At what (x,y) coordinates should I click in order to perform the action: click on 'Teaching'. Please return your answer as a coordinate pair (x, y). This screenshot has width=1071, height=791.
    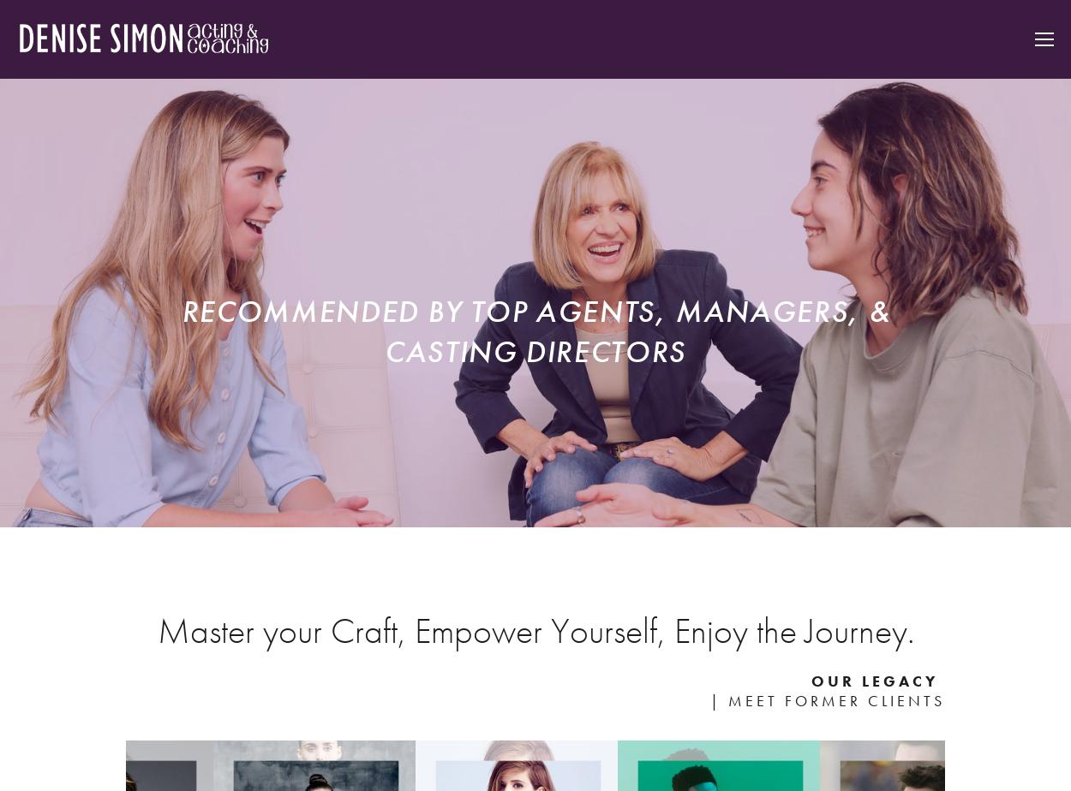
    Looking at the image, I should click on (922, 89).